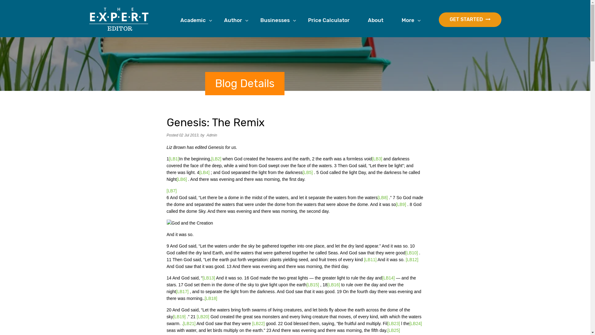  I want to click on '[LB20]', so click(196, 317).